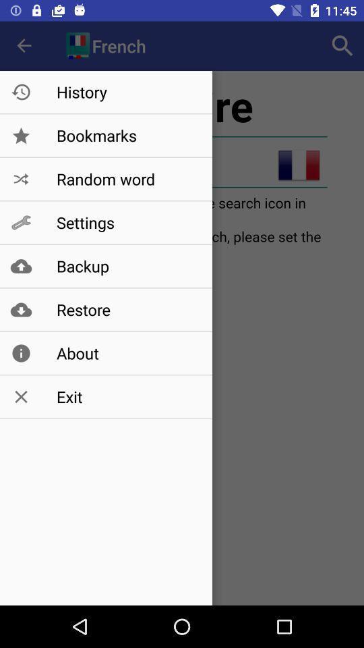  Describe the element at coordinates (127, 91) in the screenshot. I see `the history` at that location.